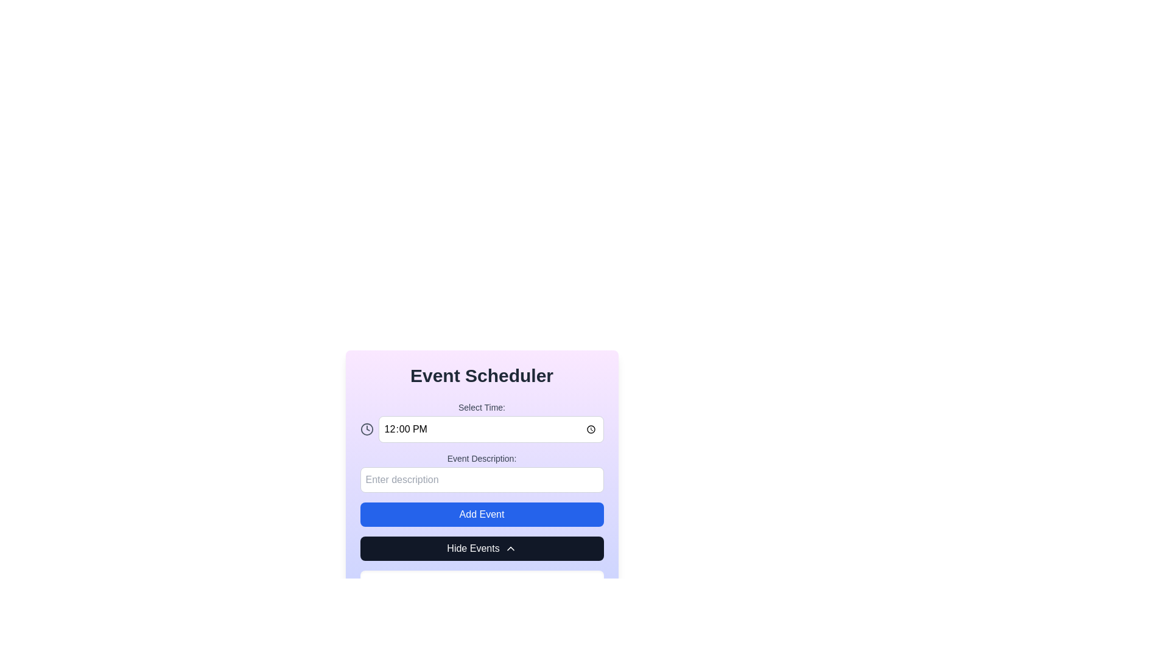 This screenshot has height=657, width=1169. Describe the element at coordinates (481, 471) in the screenshot. I see `the text input field labeled 'Event Description:' to focus on it` at that location.